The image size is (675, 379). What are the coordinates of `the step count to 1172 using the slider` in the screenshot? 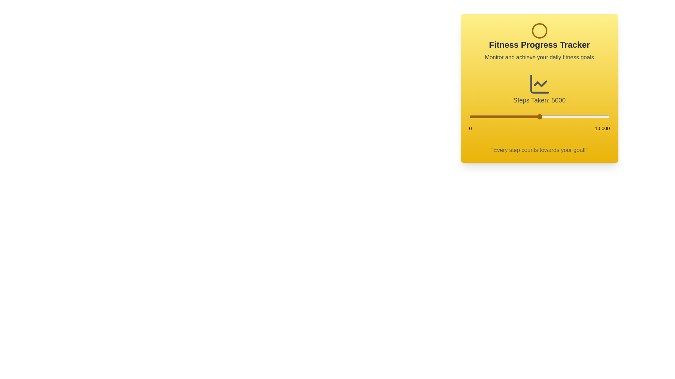 It's located at (485, 116).